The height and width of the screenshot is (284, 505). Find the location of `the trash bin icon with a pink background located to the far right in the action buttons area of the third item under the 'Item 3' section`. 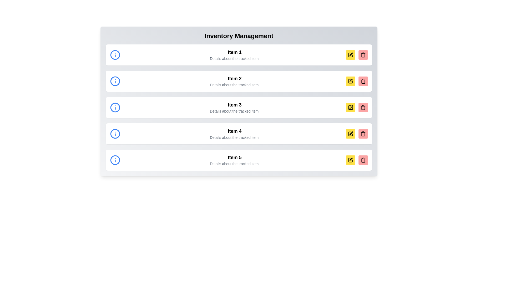

the trash bin icon with a pink background located to the far right in the action buttons area of the third item under the 'Item 3' section is located at coordinates (363, 107).